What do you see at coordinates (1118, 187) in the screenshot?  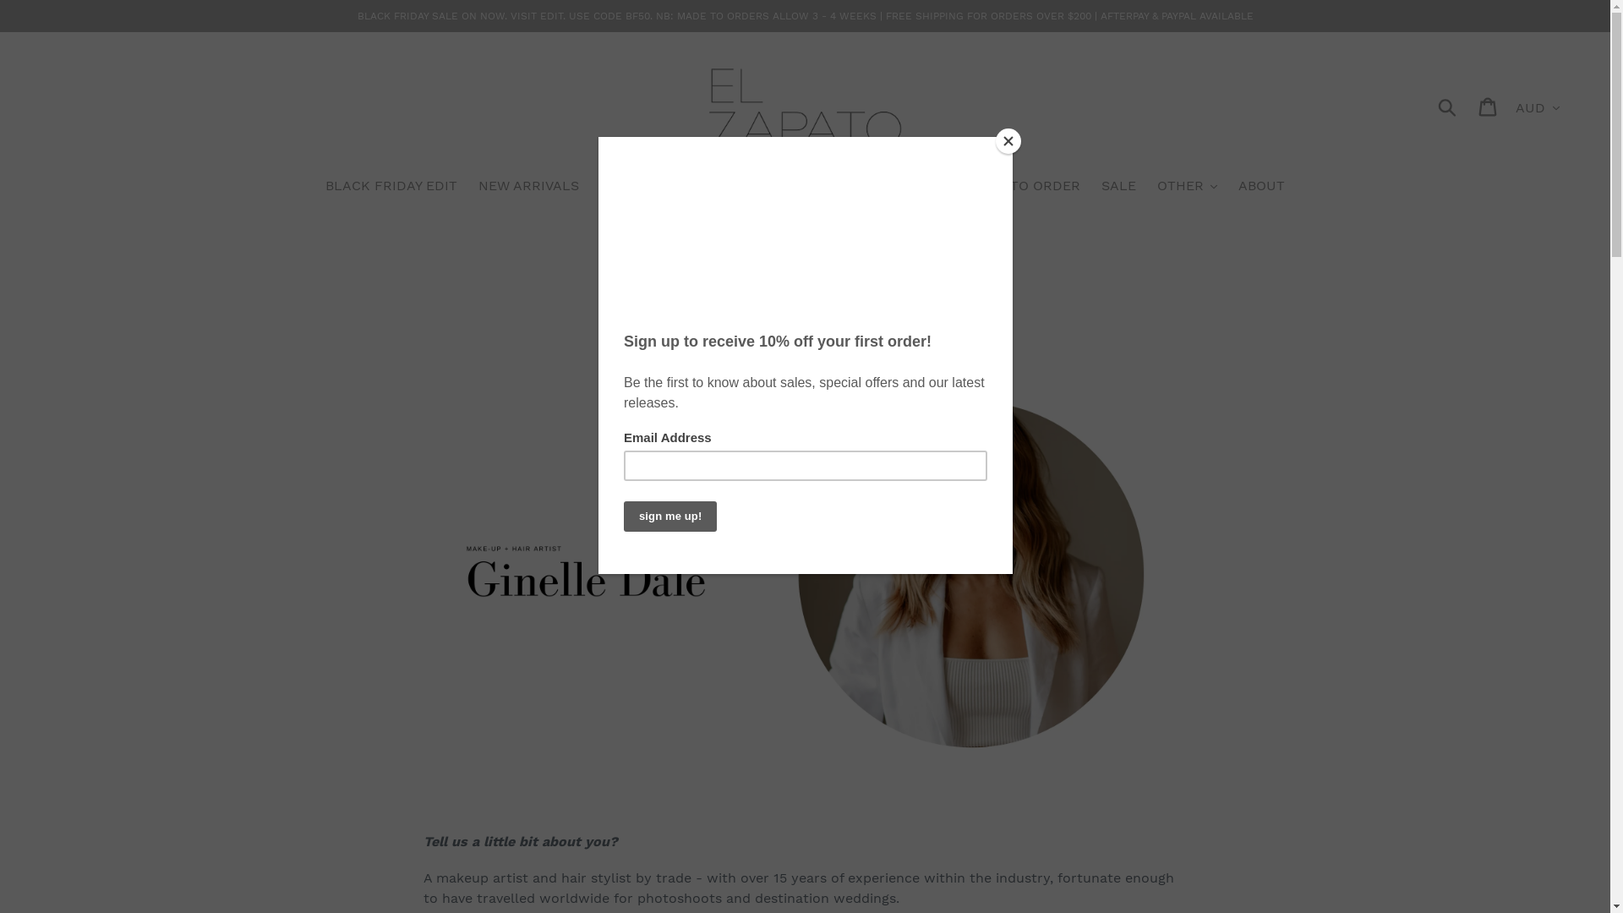 I see `'SALE'` at bounding box center [1118, 187].